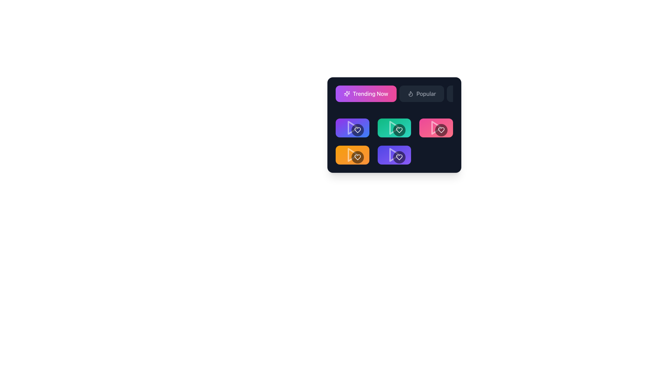 Image resolution: width=661 pixels, height=371 pixels. What do you see at coordinates (352, 155) in the screenshot?
I see `the interactive video thumbnail located in the second row, first column of a 2x3 grid layout` at bounding box center [352, 155].